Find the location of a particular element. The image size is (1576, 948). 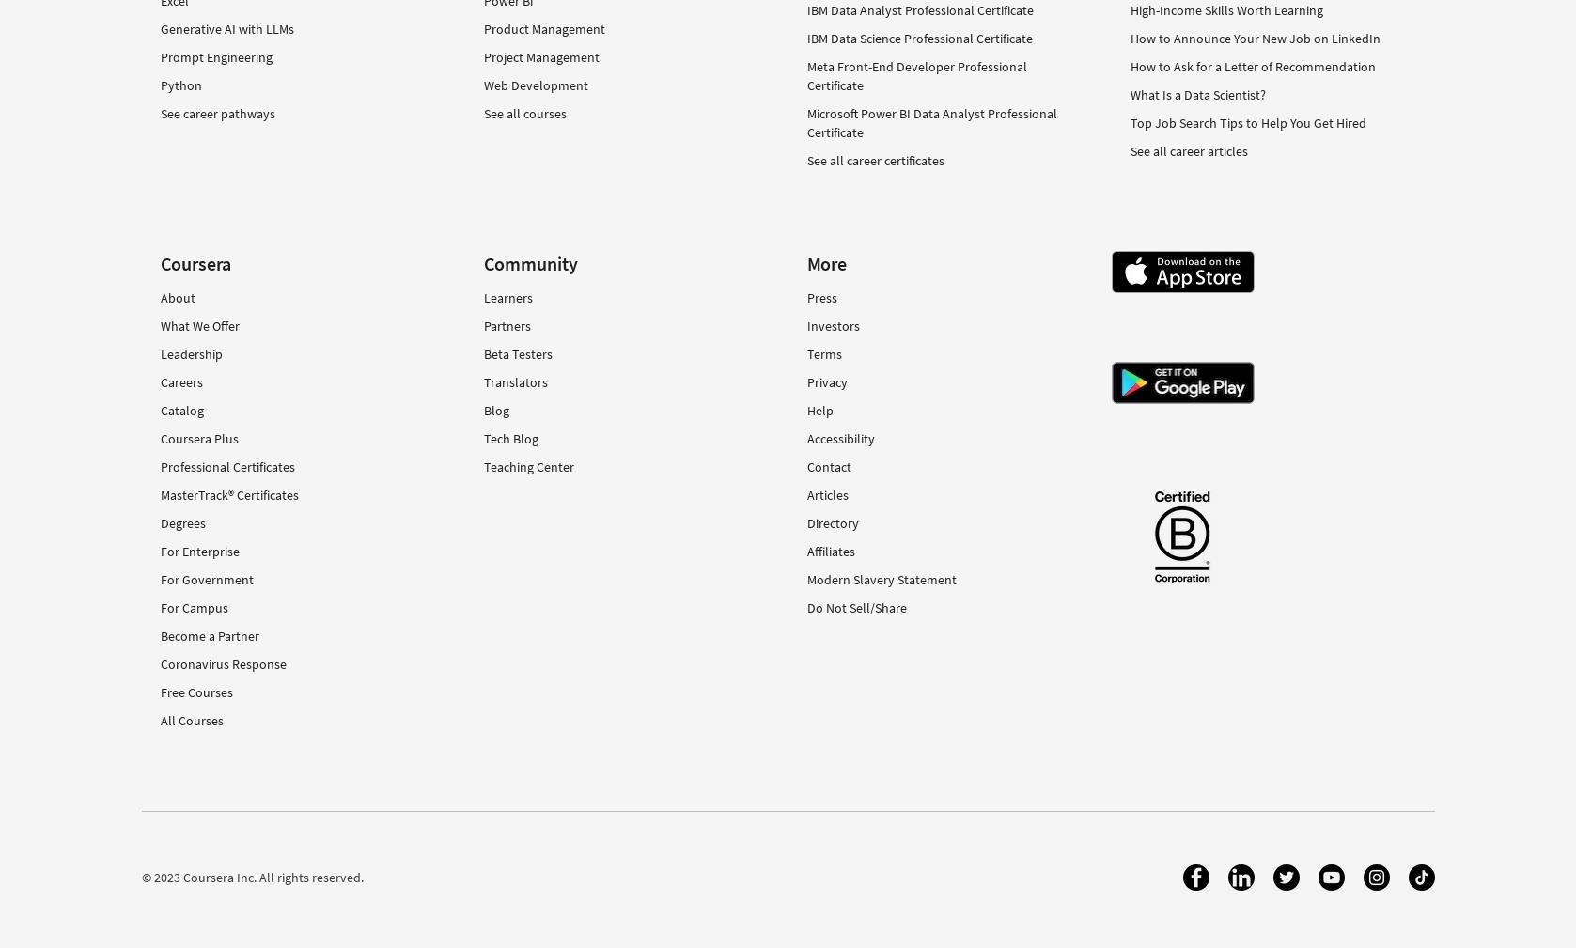

'Privacy' is located at coordinates (825, 381).